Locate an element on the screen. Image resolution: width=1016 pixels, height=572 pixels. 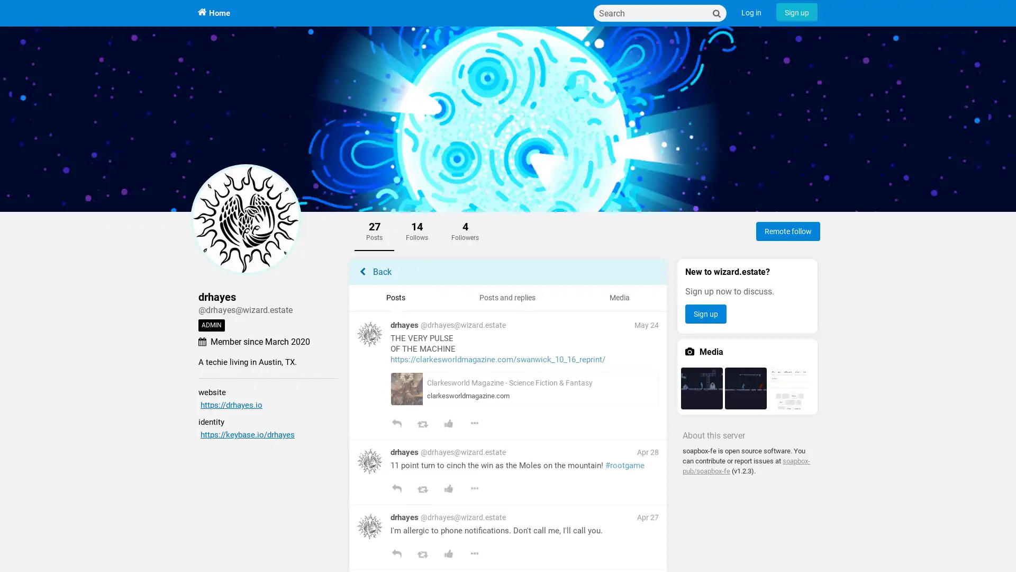
Remote follow is located at coordinates (788, 230).